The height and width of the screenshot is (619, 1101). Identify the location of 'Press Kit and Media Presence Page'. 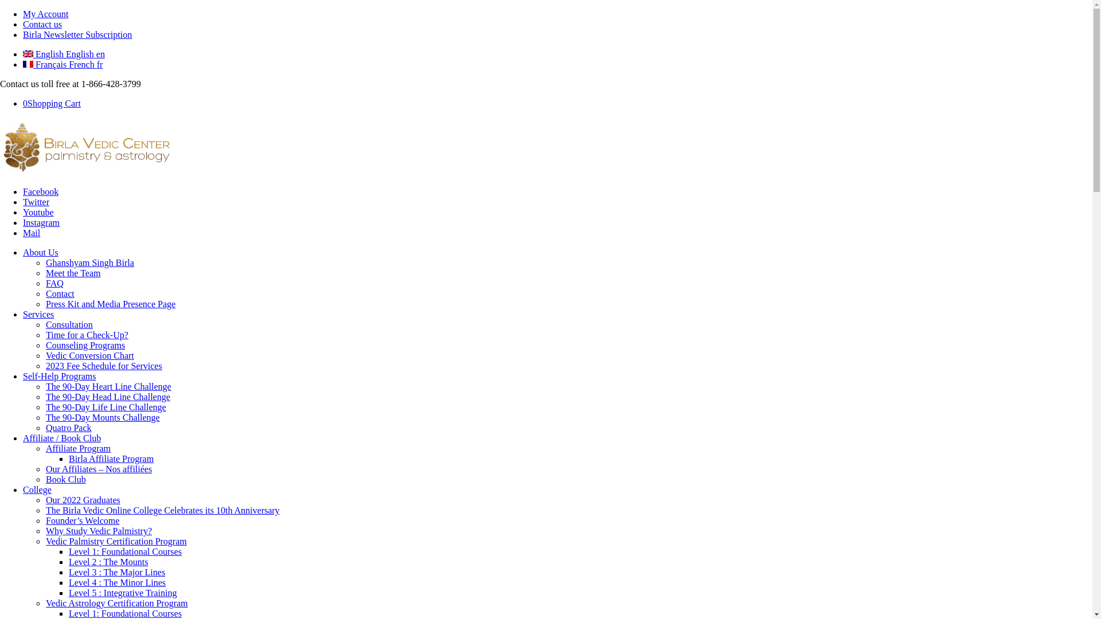
(110, 303).